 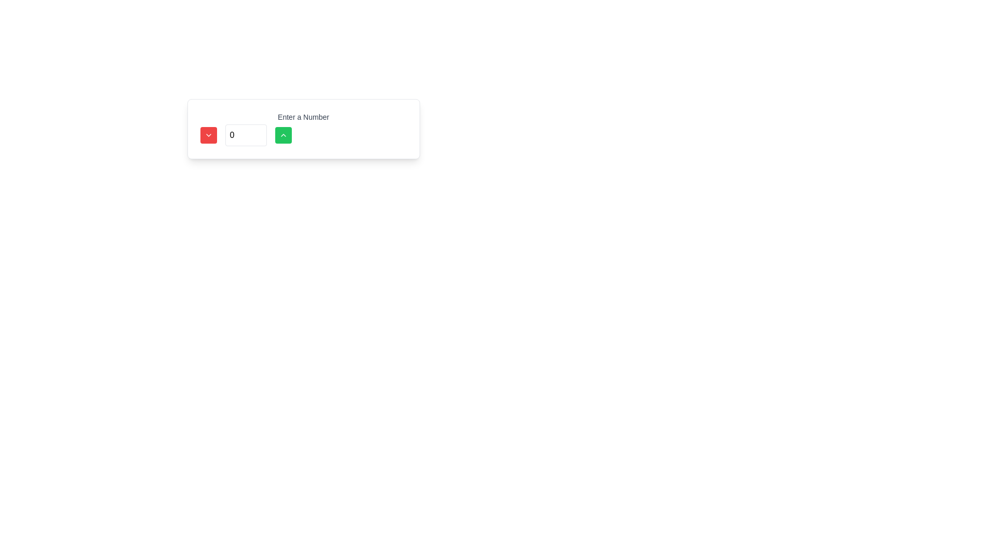 What do you see at coordinates (303, 129) in the screenshot?
I see `the green increment button of the labeled input field component that reads 'Enter a Number' to increase the value` at bounding box center [303, 129].